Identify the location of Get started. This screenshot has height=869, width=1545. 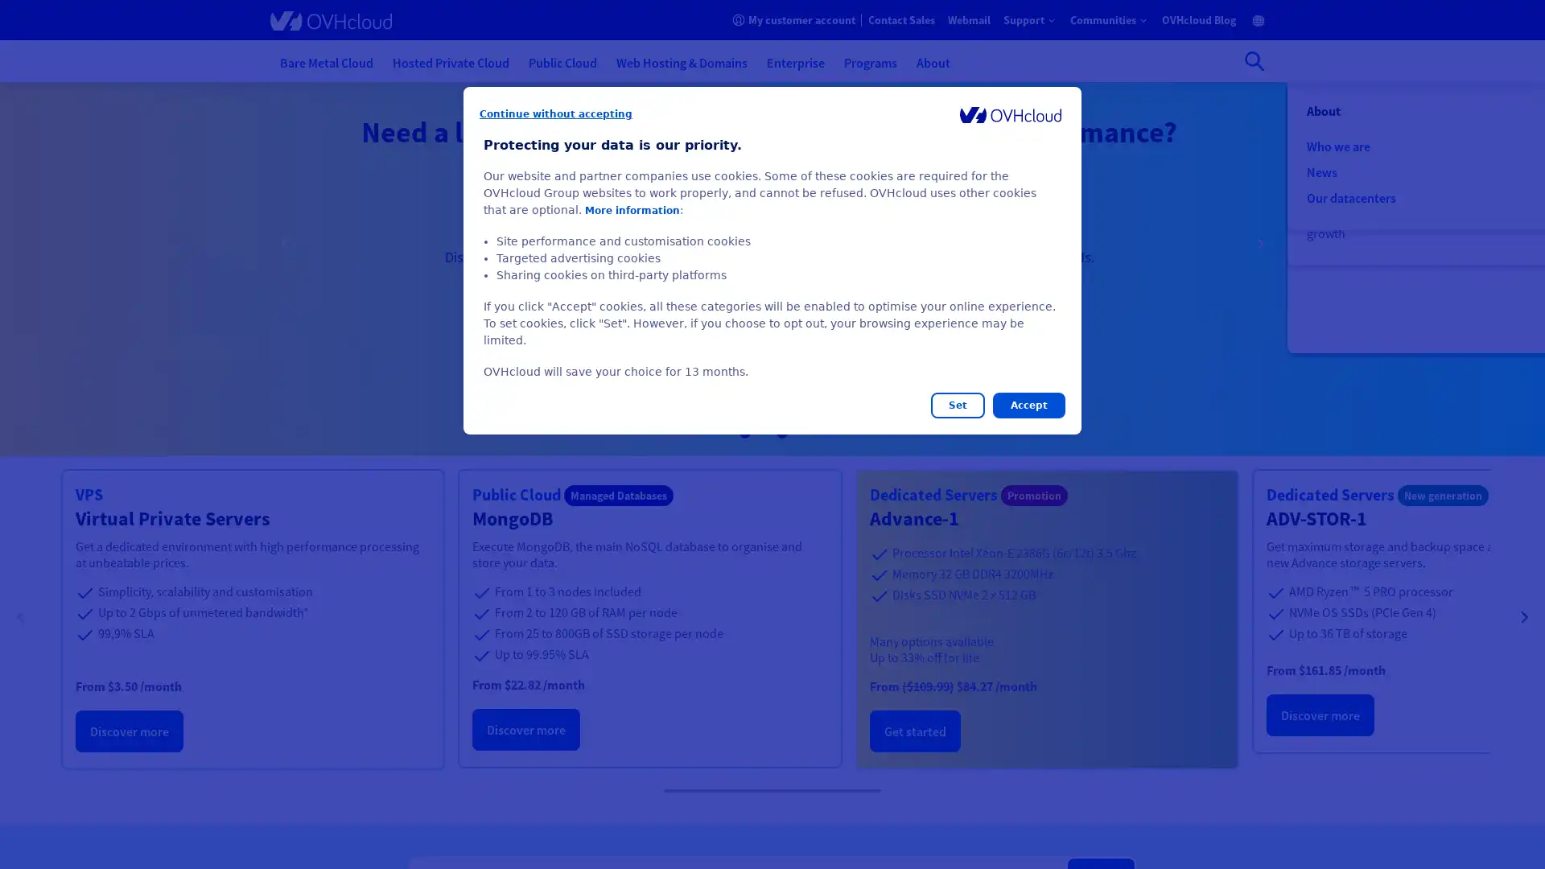
(914, 731).